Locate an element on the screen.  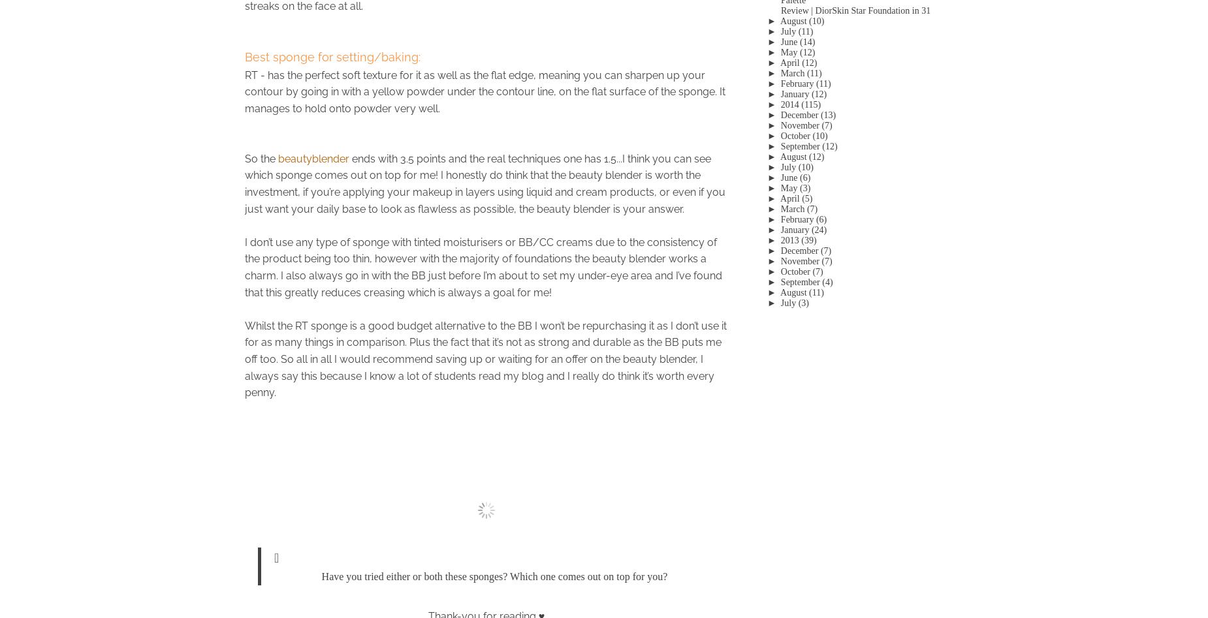
'Review | DiorSkin Star Foundation in 31' is located at coordinates (855, 10).